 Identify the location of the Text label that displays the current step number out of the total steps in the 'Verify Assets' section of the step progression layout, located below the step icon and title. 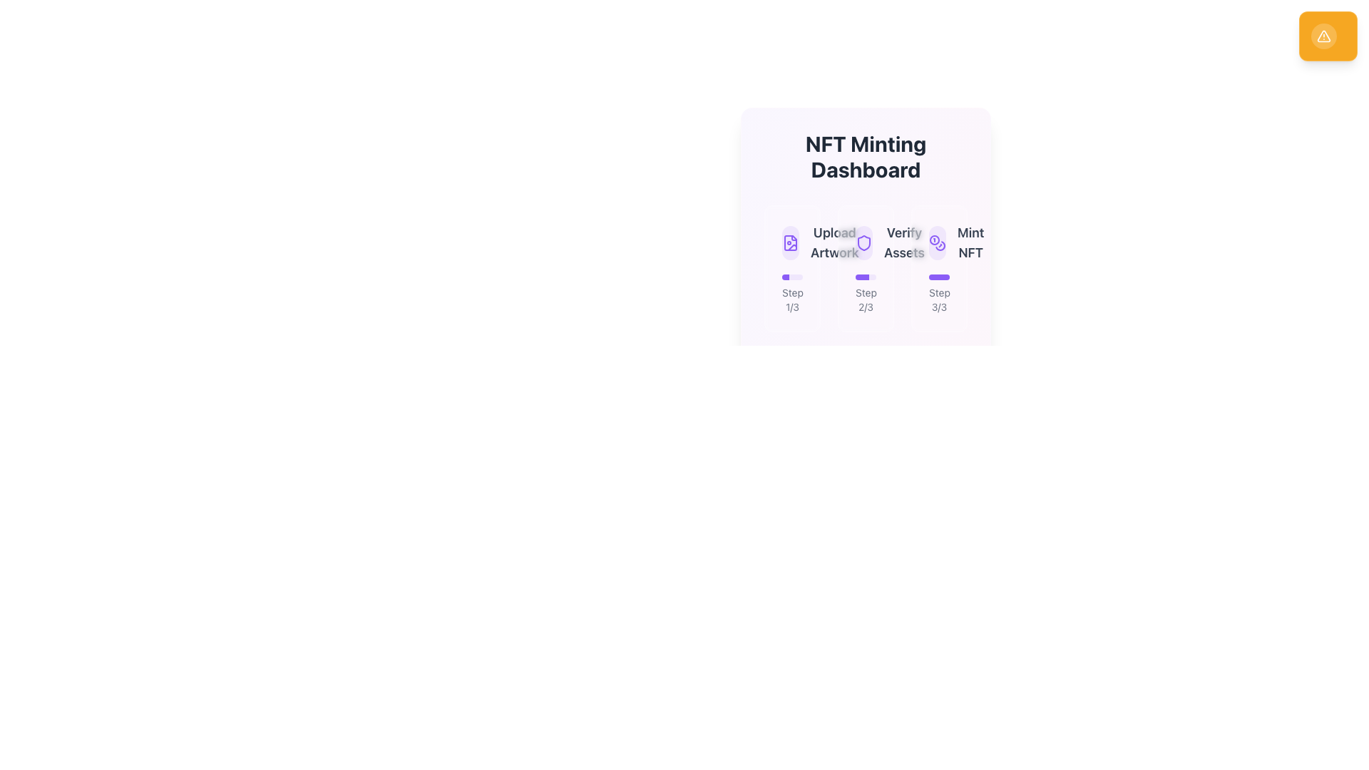
(865, 293).